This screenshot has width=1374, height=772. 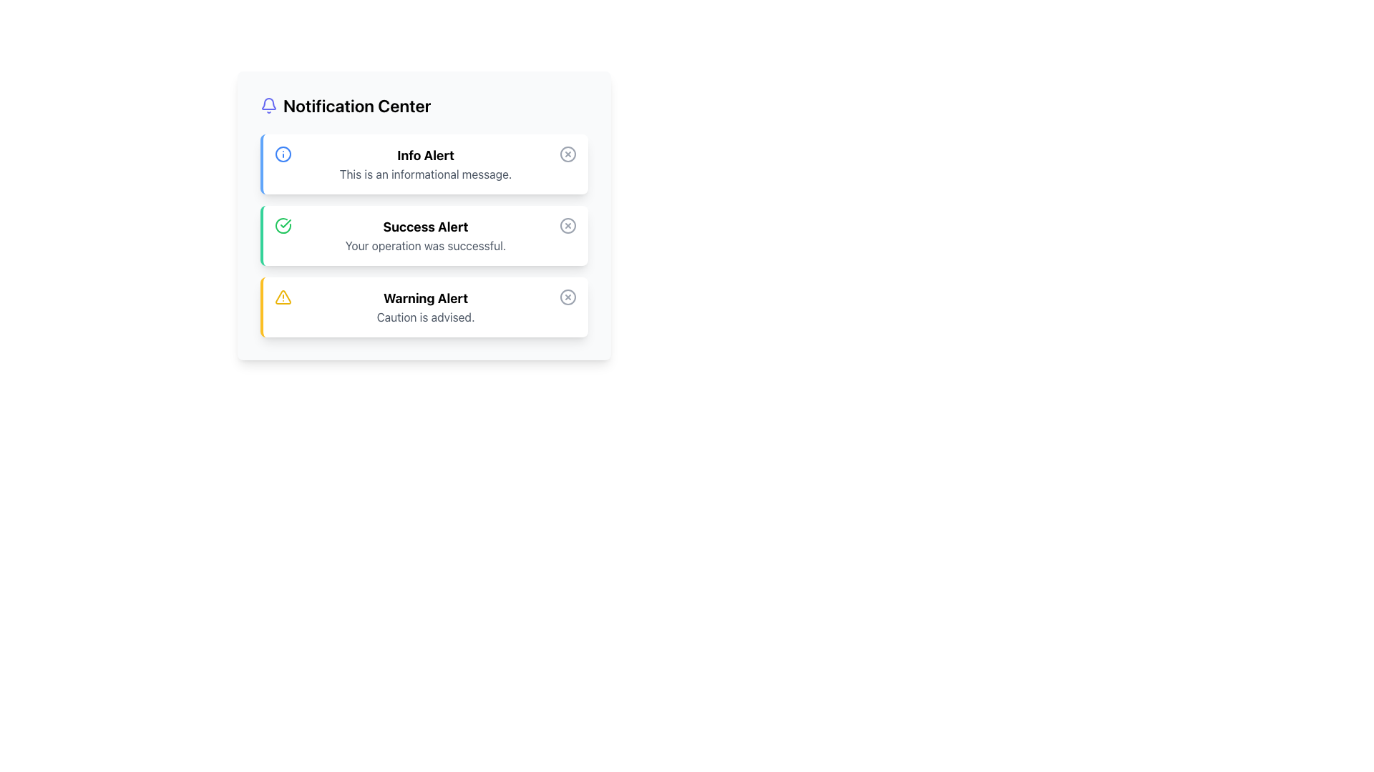 What do you see at coordinates (268, 103) in the screenshot?
I see `the bell-like graphical icon representing the notification feature located at the top-left of the 'Notification Center' card` at bounding box center [268, 103].